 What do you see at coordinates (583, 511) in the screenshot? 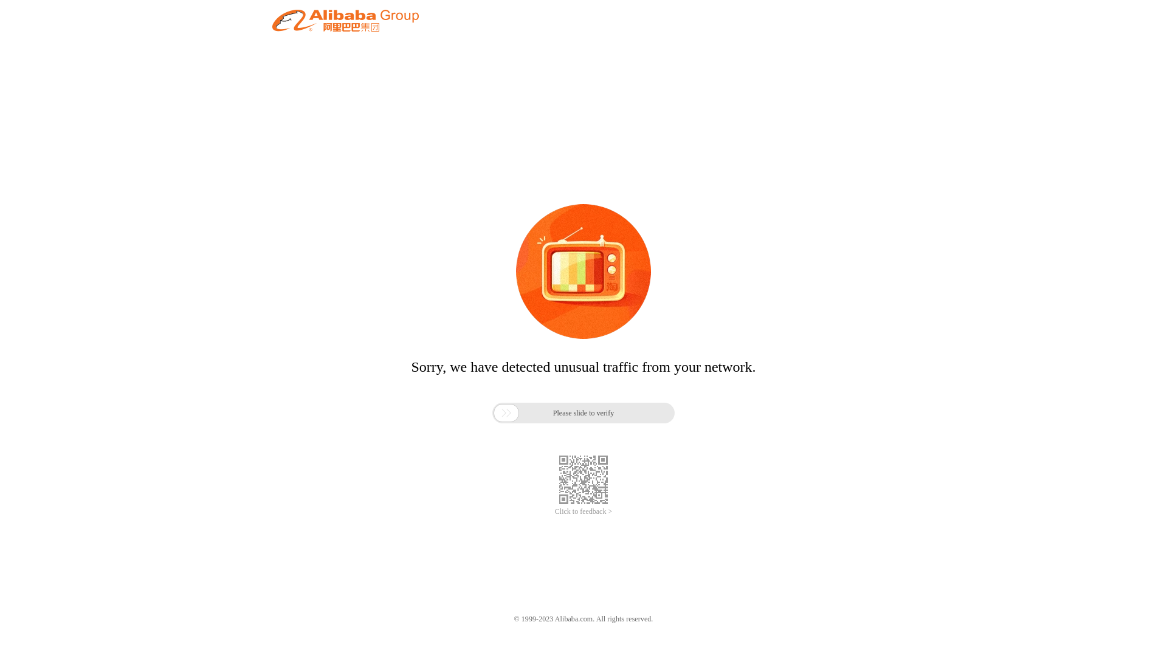
I see `'Click to feedback >'` at bounding box center [583, 511].